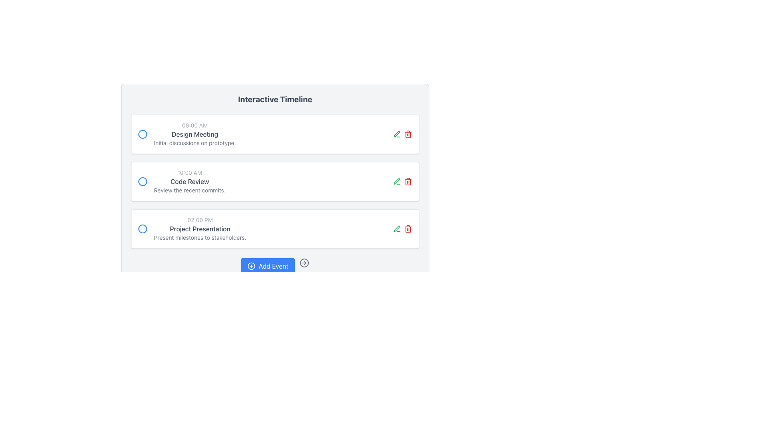 This screenshot has height=433, width=770. Describe the element at coordinates (397, 229) in the screenshot. I see `the edit icon located to the left of the trash bin icon in the timeline entry for 'Project Presentation'` at that location.